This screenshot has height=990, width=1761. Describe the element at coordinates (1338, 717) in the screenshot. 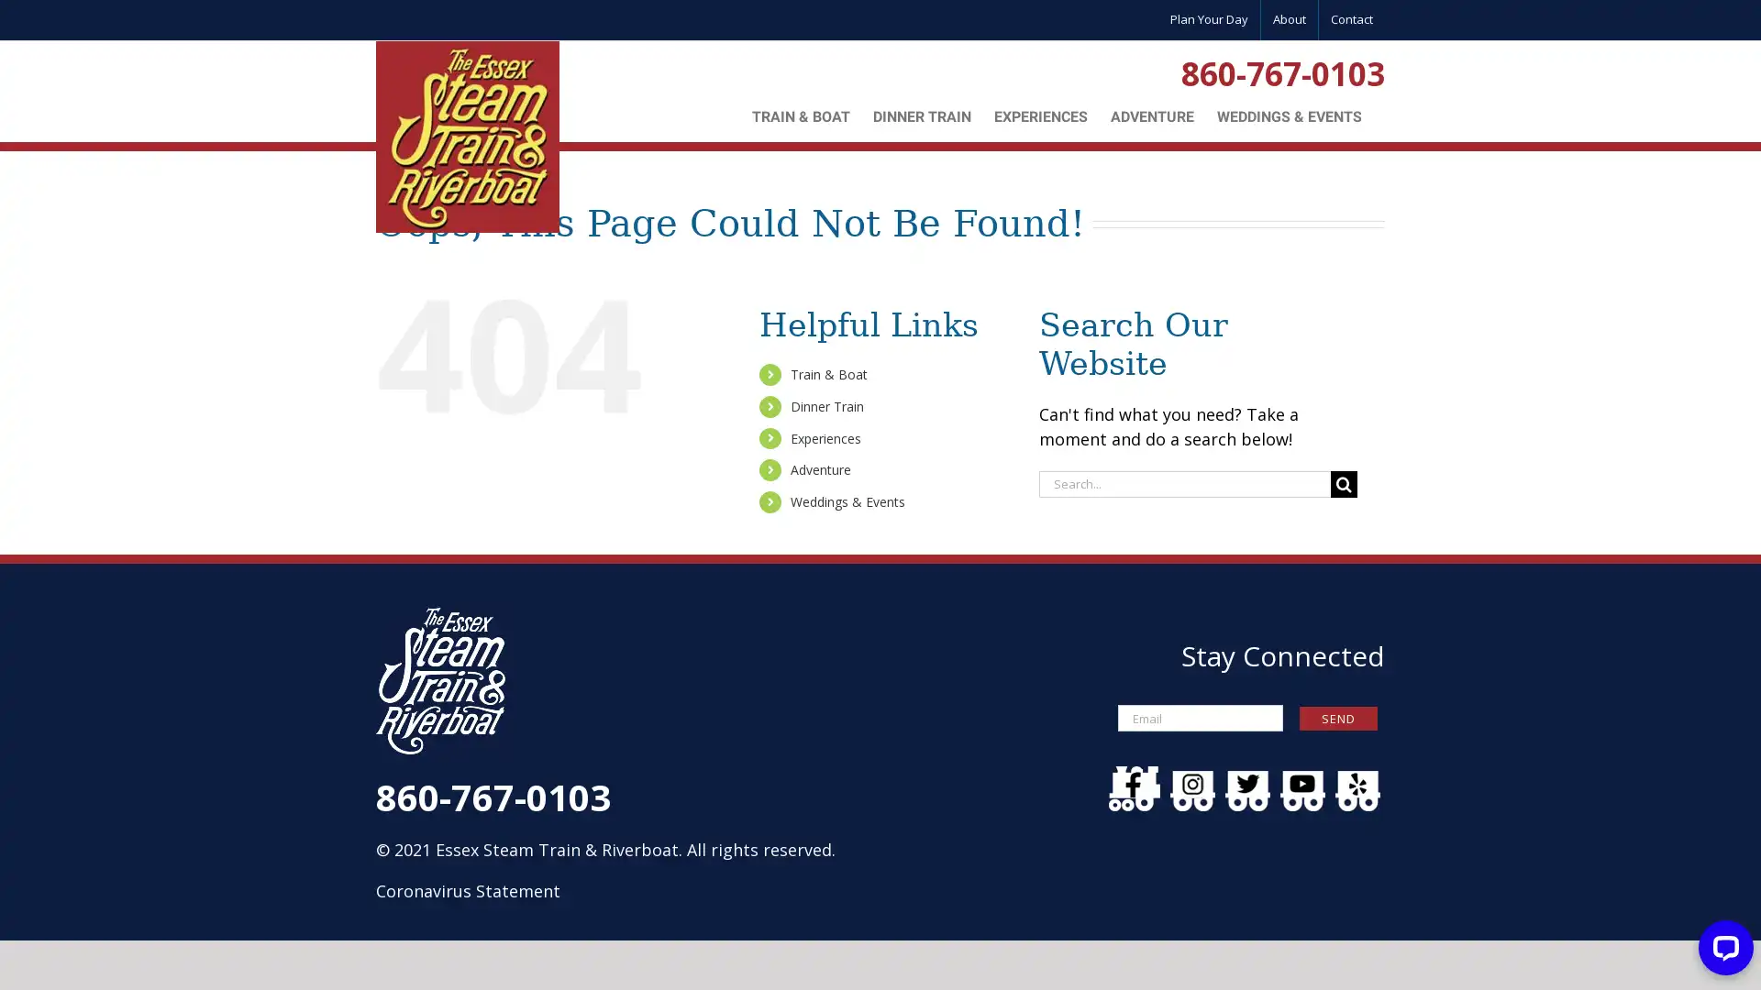

I see `Send` at that location.